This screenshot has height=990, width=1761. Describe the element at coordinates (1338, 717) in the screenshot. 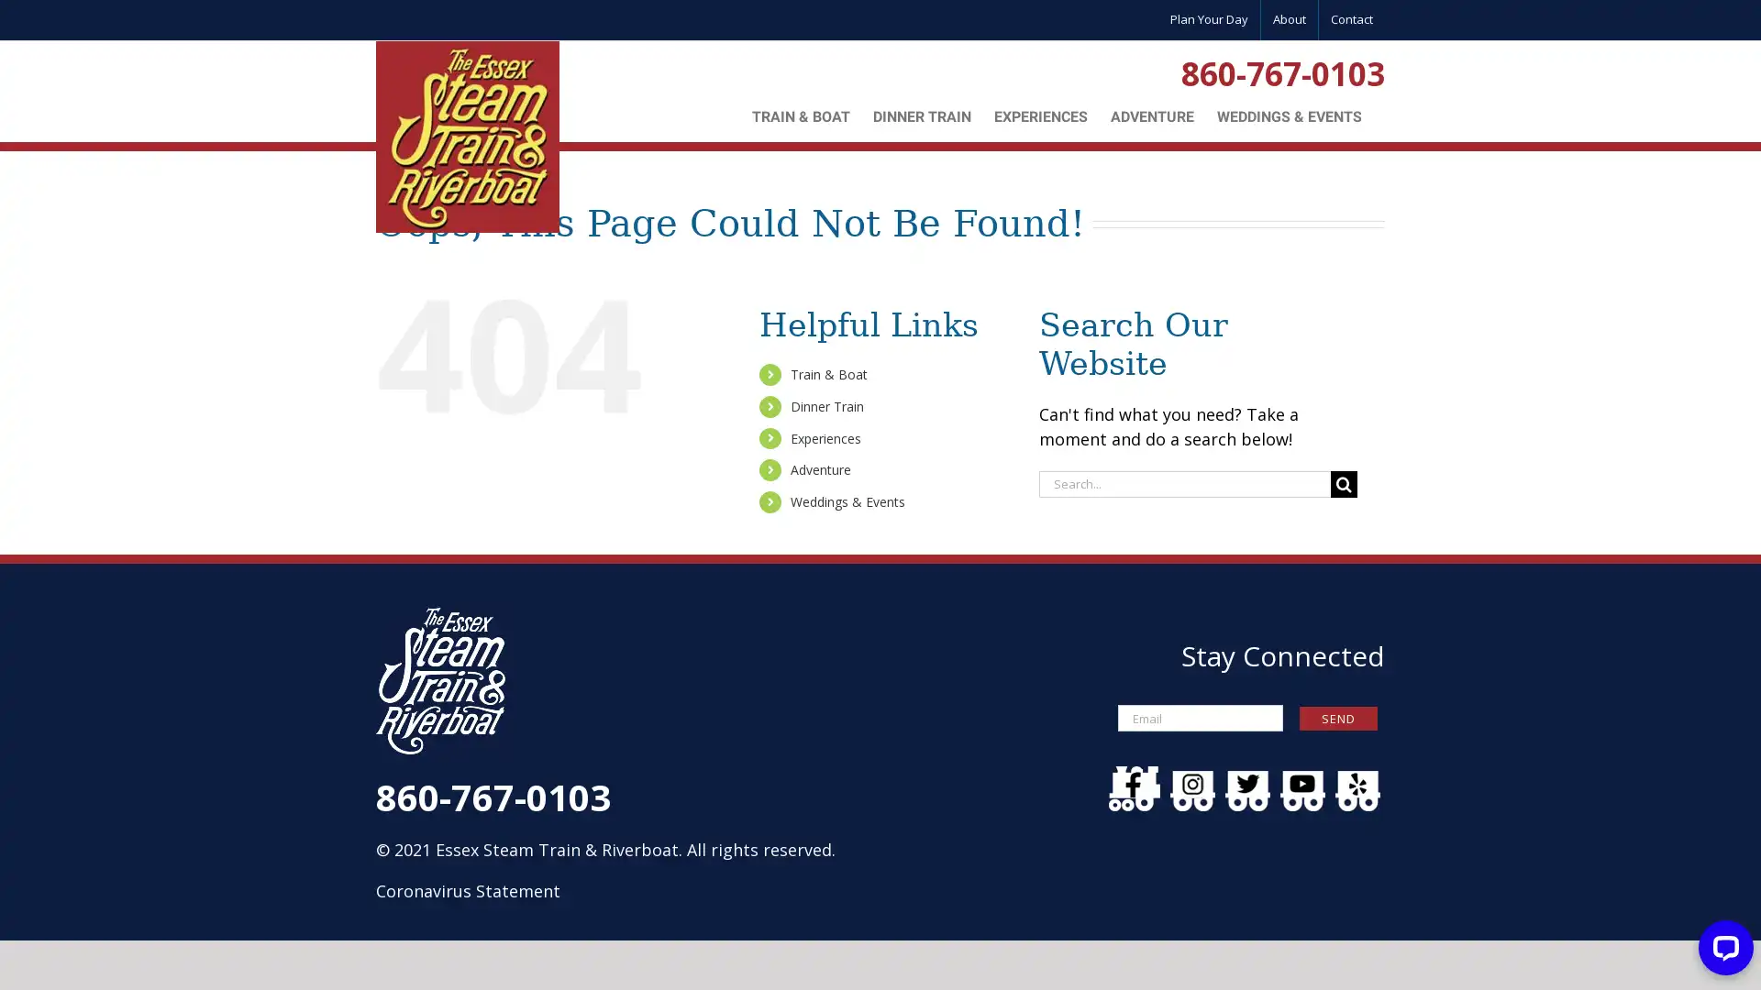

I see `Send` at that location.